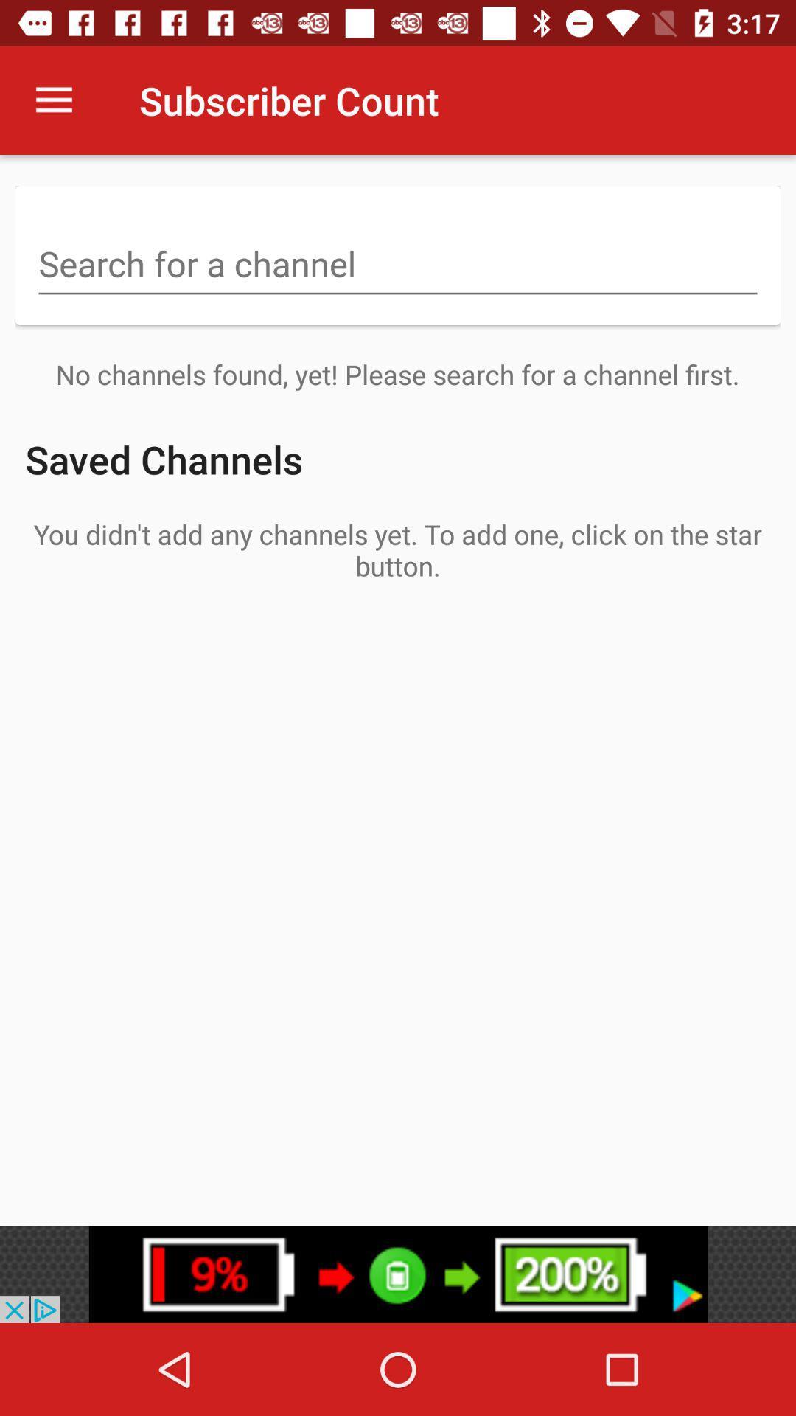  What do you see at coordinates (398, 1274) in the screenshot?
I see `advertising` at bounding box center [398, 1274].